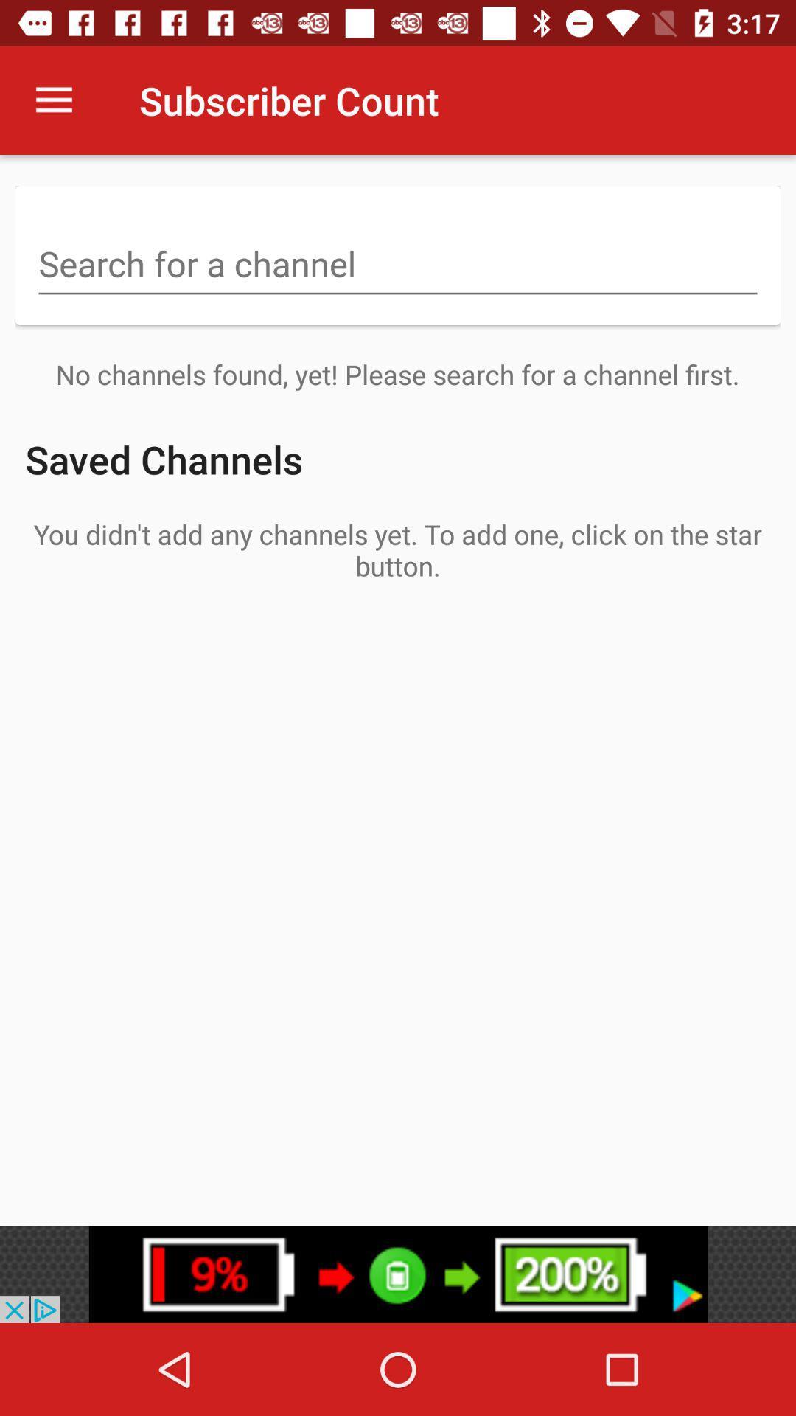  What do you see at coordinates (398, 1274) in the screenshot?
I see `advertising` at bounding box center [398, 1274].